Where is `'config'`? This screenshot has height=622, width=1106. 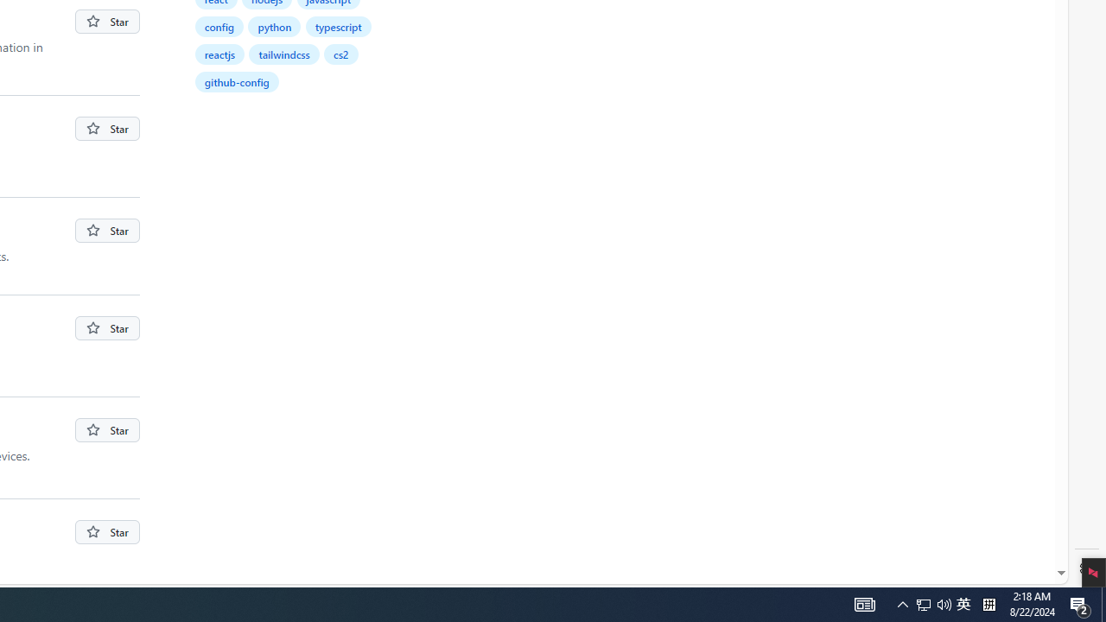
'config' is located at coordinates (219, 26).